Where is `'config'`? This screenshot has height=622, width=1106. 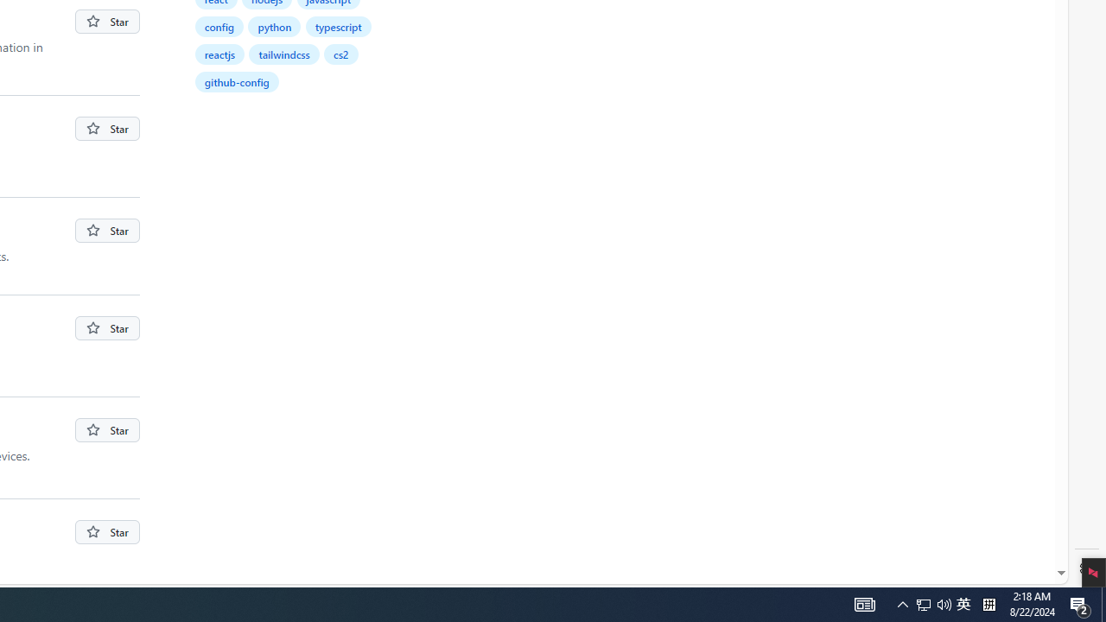
'config' is located at coordinates (219, 26).